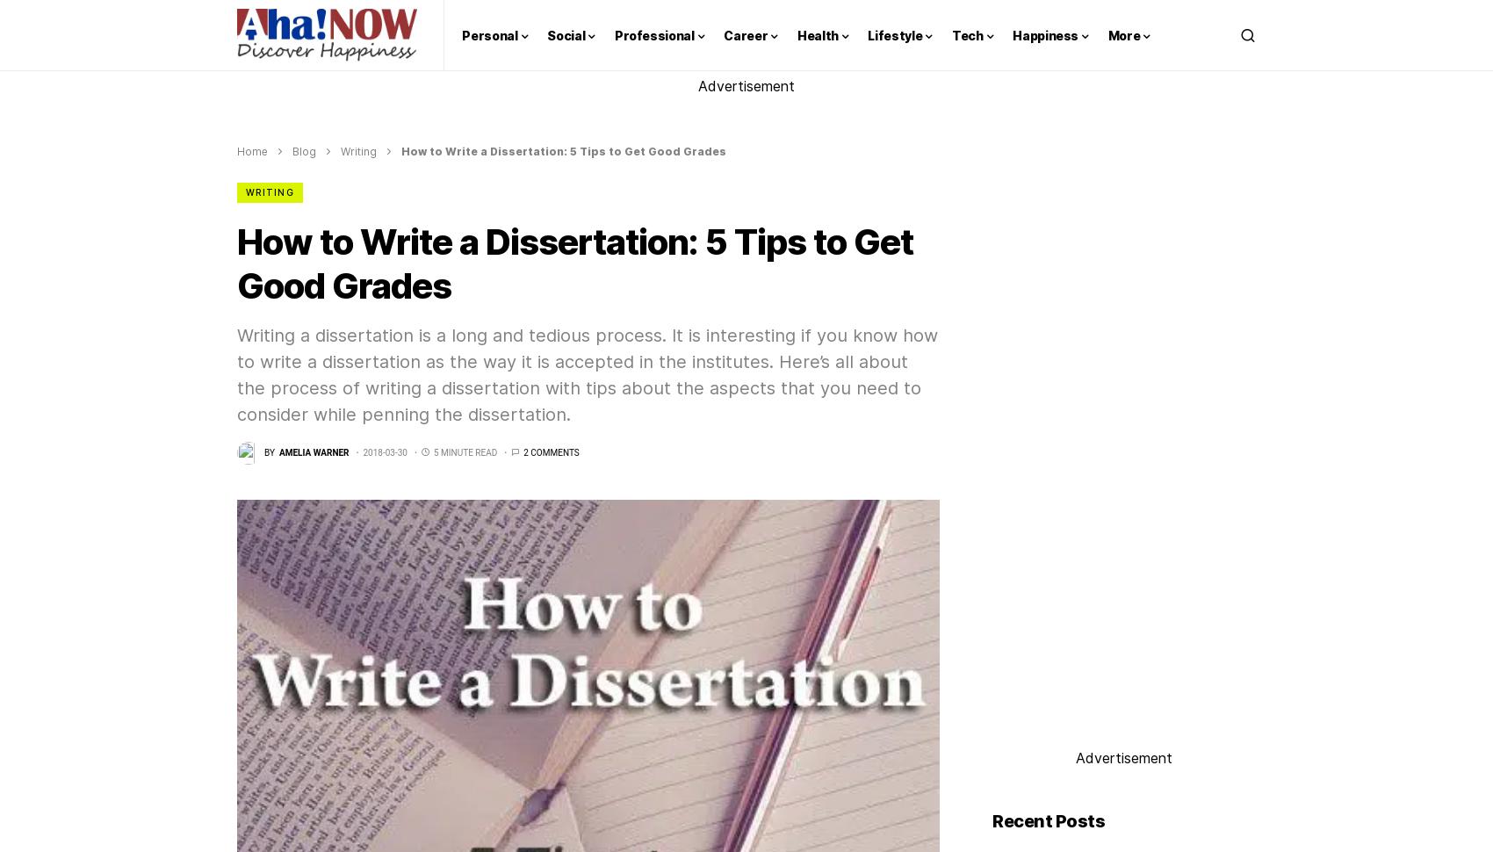 The height and width of the screenshot is (852, 1493). What do you see at coordinates (744, 34) in the screenshot?
I see `'Career'` at bounding box center [744, 34].